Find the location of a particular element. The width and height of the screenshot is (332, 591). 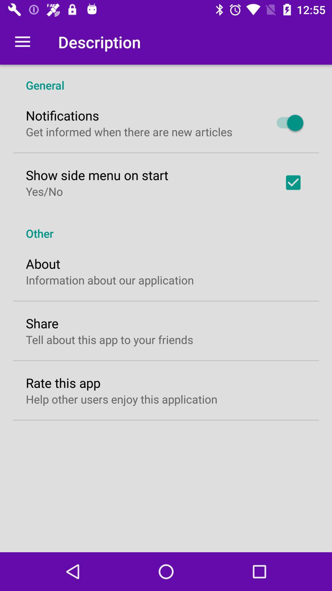

icon below general item is located at coordinates (287, 123).